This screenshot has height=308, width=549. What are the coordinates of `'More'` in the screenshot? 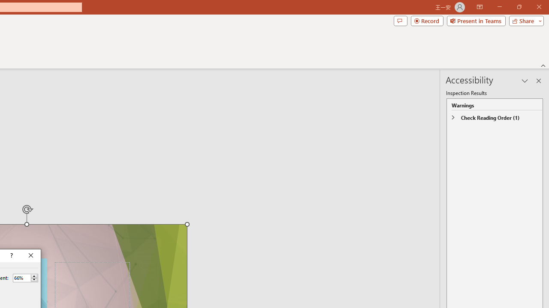 It's located at (34, 276).